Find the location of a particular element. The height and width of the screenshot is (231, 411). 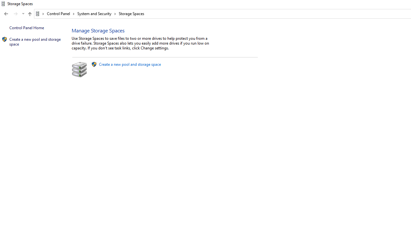

'System' is located at coordinates (3, 4).